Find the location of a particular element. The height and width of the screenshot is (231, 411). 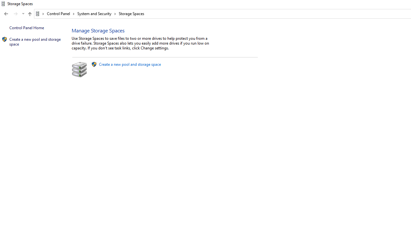

'System' is located at coordinates (3, 4).